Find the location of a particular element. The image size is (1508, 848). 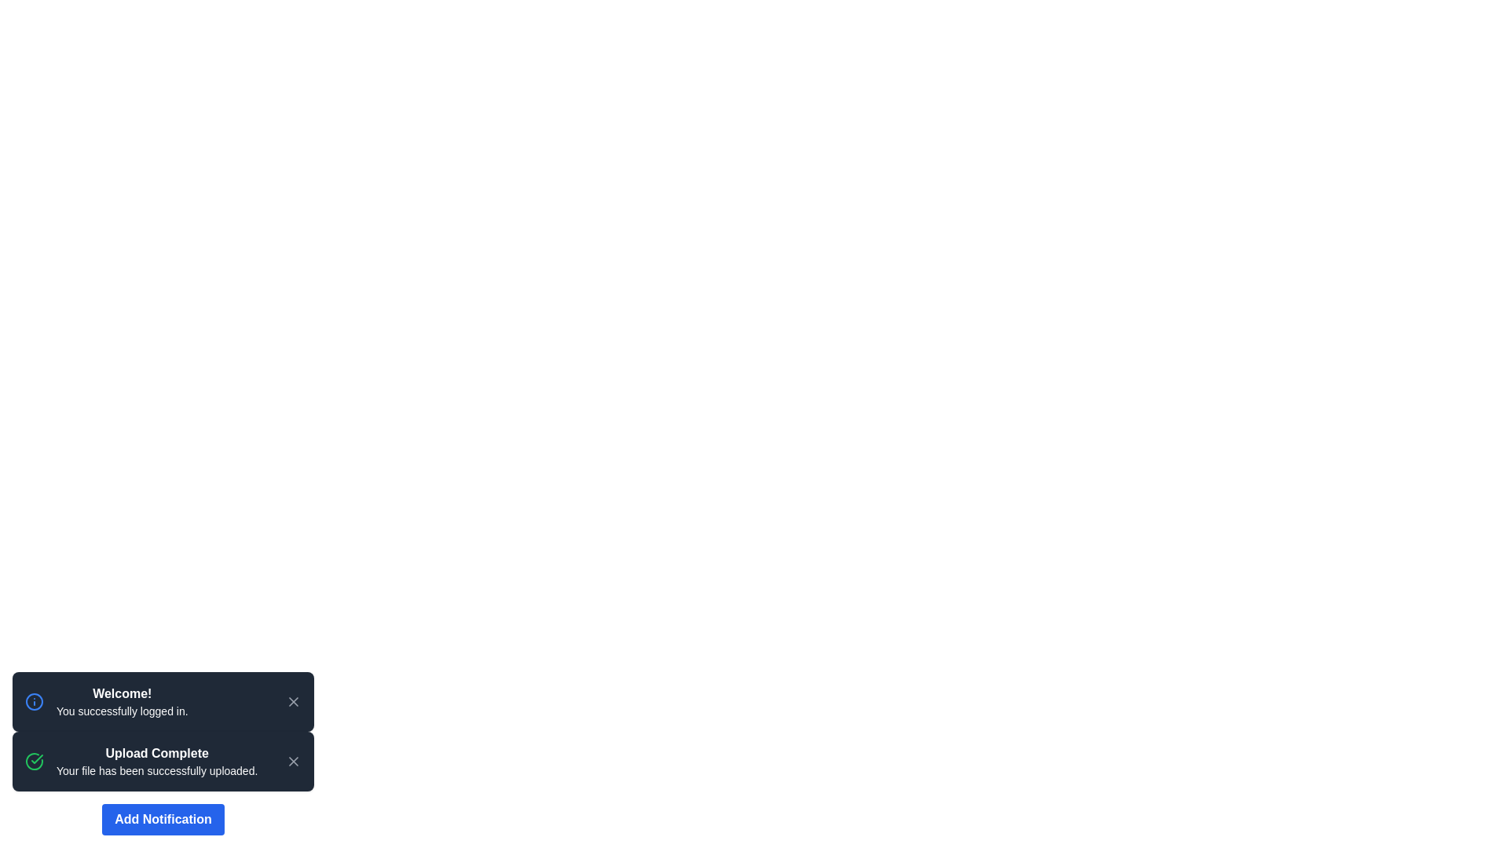

welcome message displayed in the notification box located at the bottom-left corner of the viewport, above the 'Upload Complete' notification is located at coordinates (163, 701).